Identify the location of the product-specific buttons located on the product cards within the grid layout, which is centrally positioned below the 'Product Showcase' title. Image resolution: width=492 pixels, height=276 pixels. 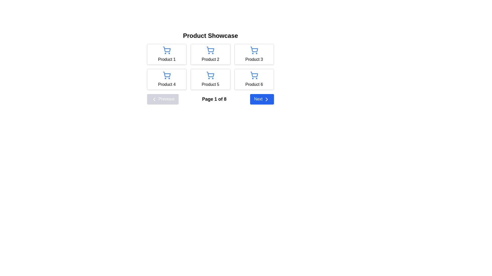
(210, 66).